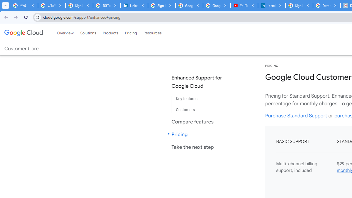 The width and height of the screenshot is (352, 198). Describe the element at coordinates (79, 5) in the screenshot. I see `'Sign in - Google Accounts'` at that location.